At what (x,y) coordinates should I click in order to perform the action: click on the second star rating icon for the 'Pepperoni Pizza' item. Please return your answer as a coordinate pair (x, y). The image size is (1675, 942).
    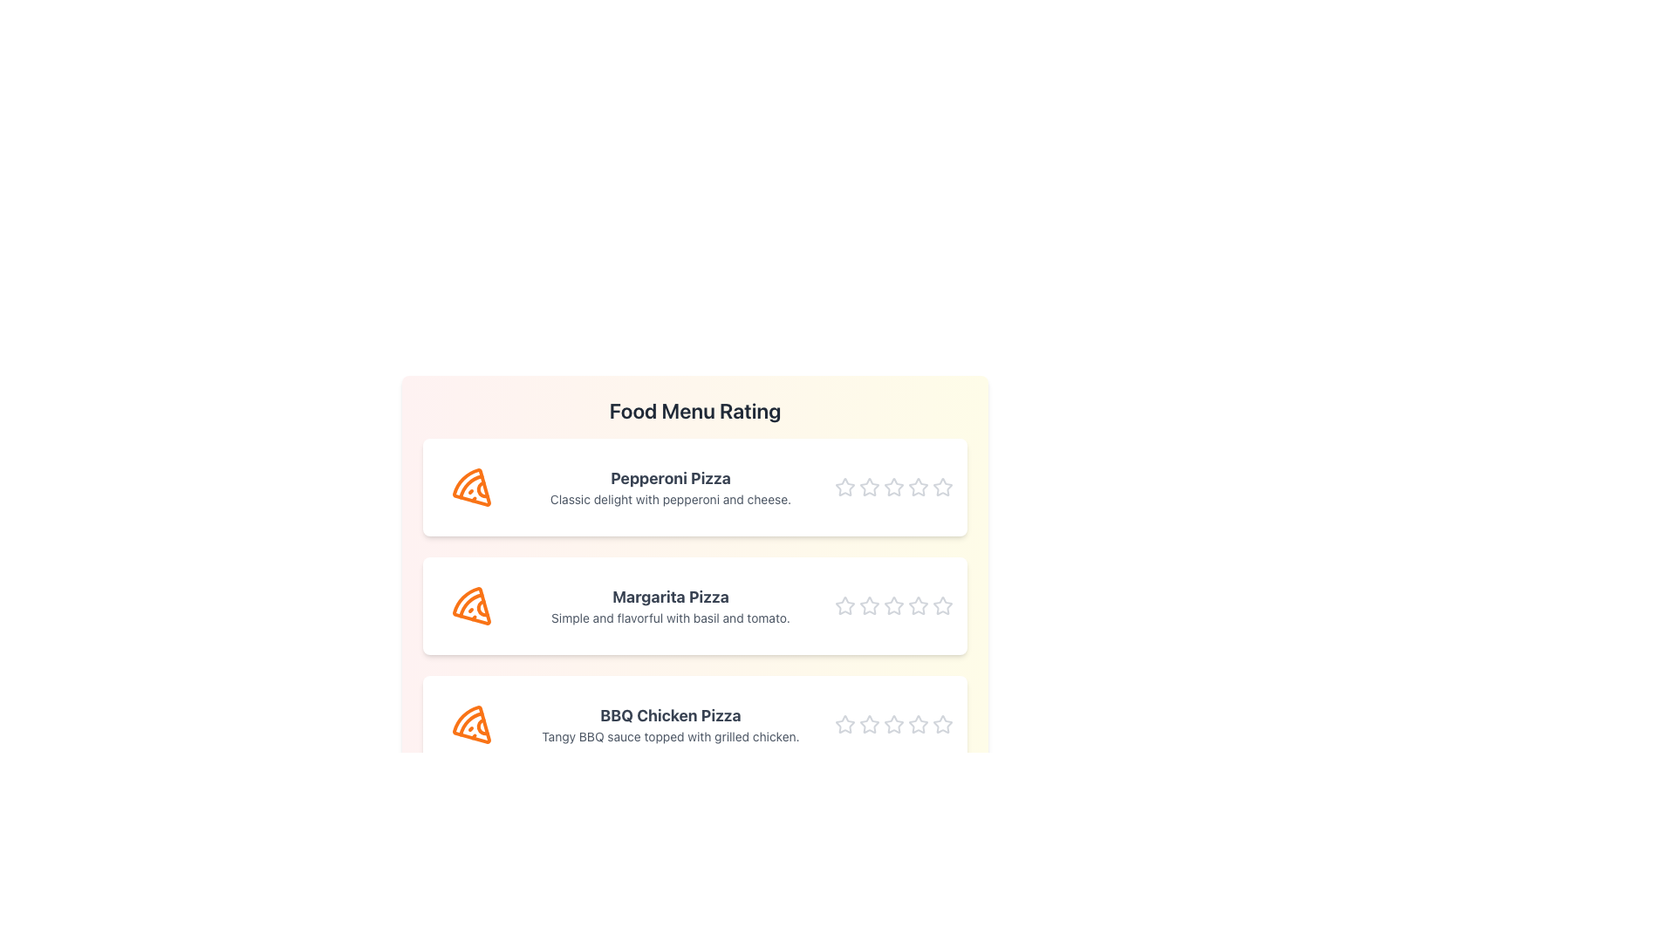
    Looking at the image, I should click on (870, 487).